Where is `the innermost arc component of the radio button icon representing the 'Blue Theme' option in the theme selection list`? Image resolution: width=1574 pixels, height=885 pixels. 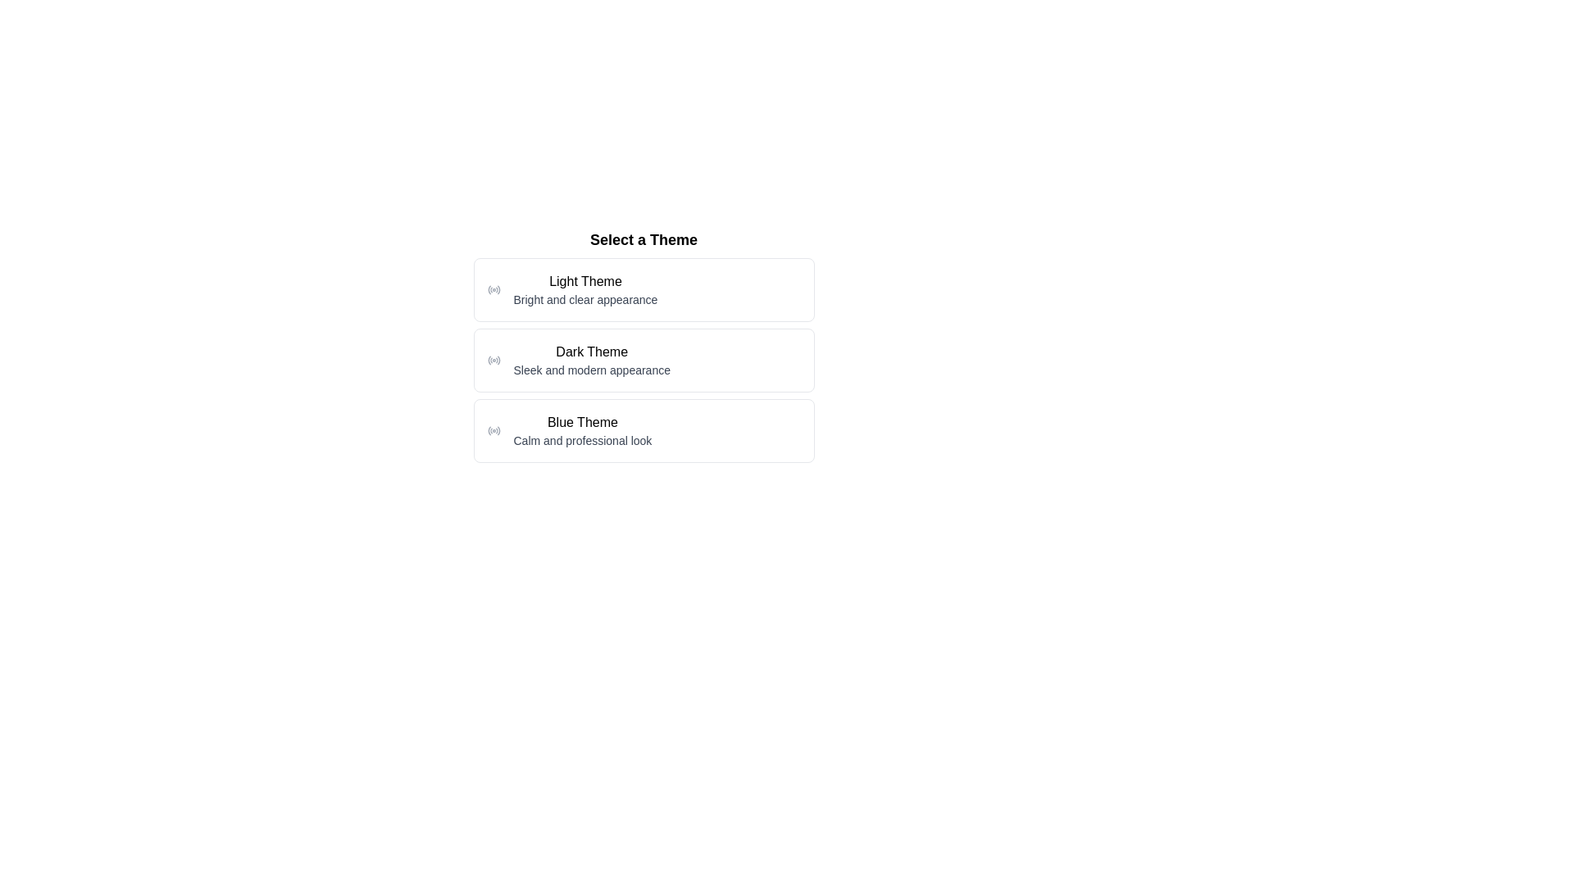
the innermost arc component of the radio button icon representing the 'Blue Theme' option in the theme selection list is located at coordinates (488, 429).